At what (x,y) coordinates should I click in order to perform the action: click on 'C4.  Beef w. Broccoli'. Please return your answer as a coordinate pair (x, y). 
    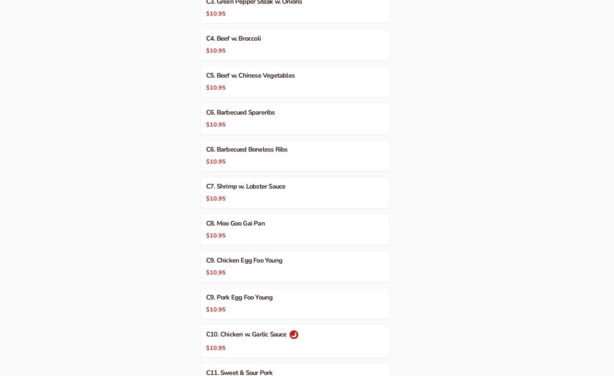
    Looking at the image, I should click on (233, 38).